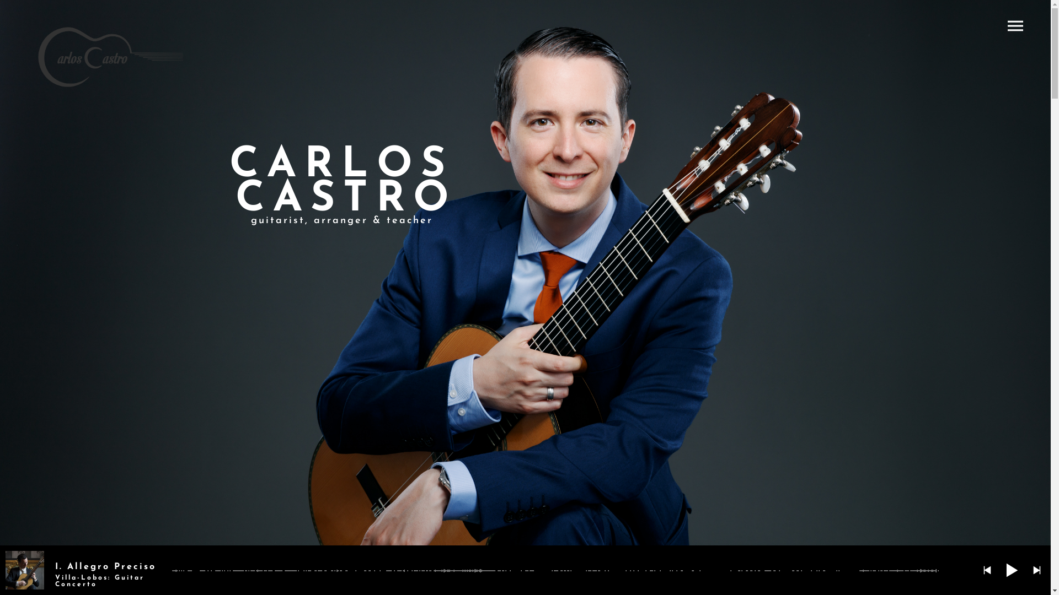 The height and width of the screenshot is (595, 1059). I want to click on 'Carlos Castro', so click(110, 57).